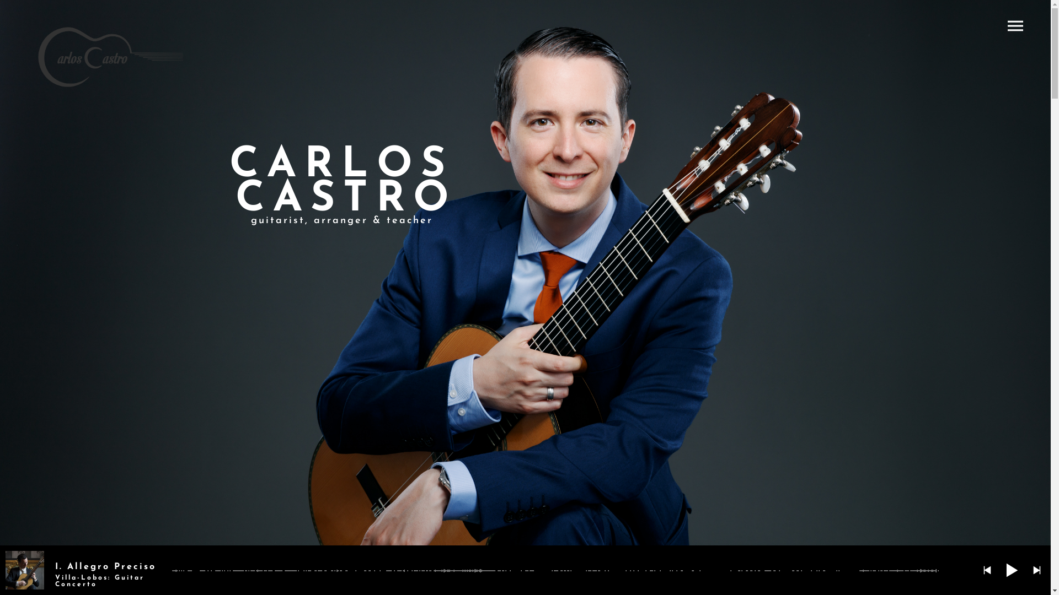 The height and width of the screenshot is (595, 1059). I want to click on 'Carlos Castro', so click(110, 57).